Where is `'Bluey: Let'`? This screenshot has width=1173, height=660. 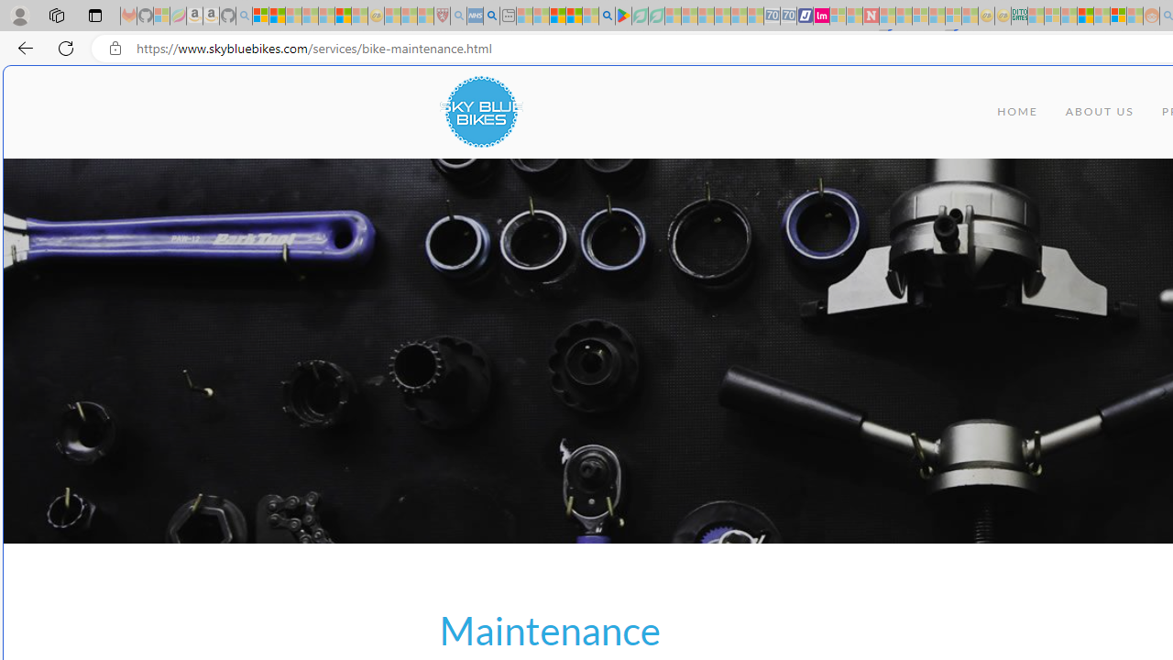 'Bluey: Let' is located at coordinates (623, 16).